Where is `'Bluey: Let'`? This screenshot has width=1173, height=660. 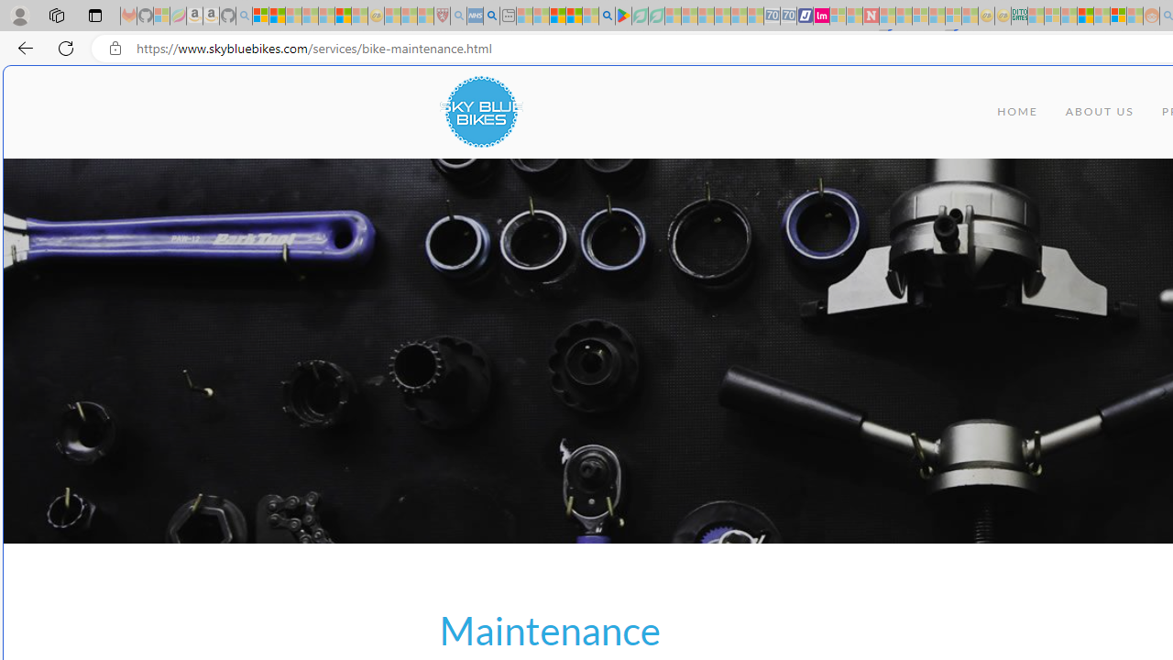 'Bluey: Let' is located at coordinates (623, 16).